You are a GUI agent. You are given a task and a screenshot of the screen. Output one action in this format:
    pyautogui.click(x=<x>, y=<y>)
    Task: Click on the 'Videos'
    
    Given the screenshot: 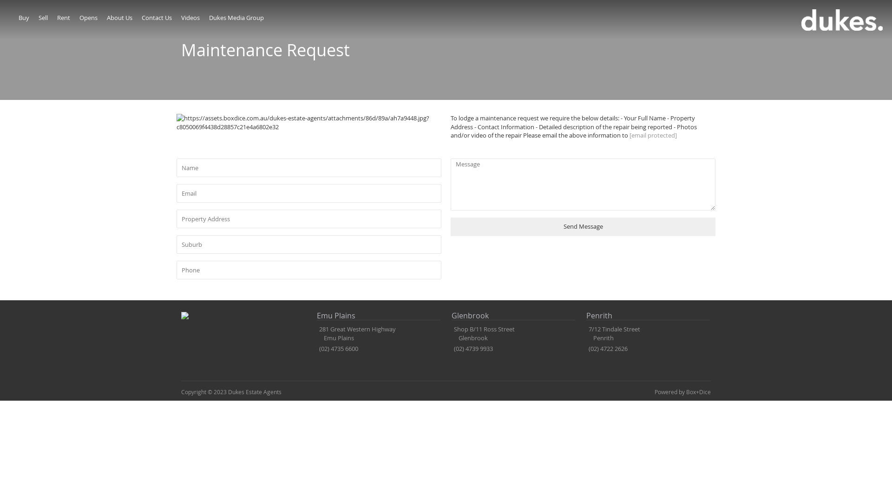 What is the action you would take?
    pyautogui.click(x=181, y=18)
    